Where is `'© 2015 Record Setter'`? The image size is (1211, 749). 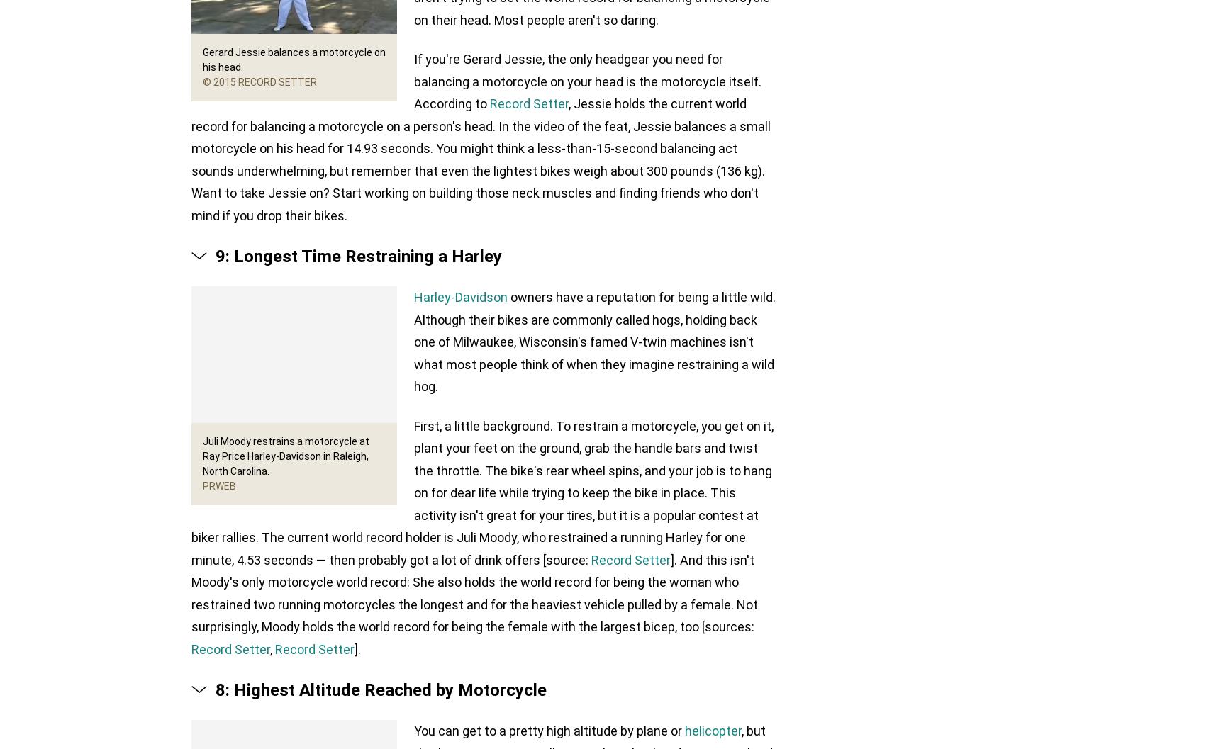 '© 2015 Record Setter' is located at coordinates (259, 81).